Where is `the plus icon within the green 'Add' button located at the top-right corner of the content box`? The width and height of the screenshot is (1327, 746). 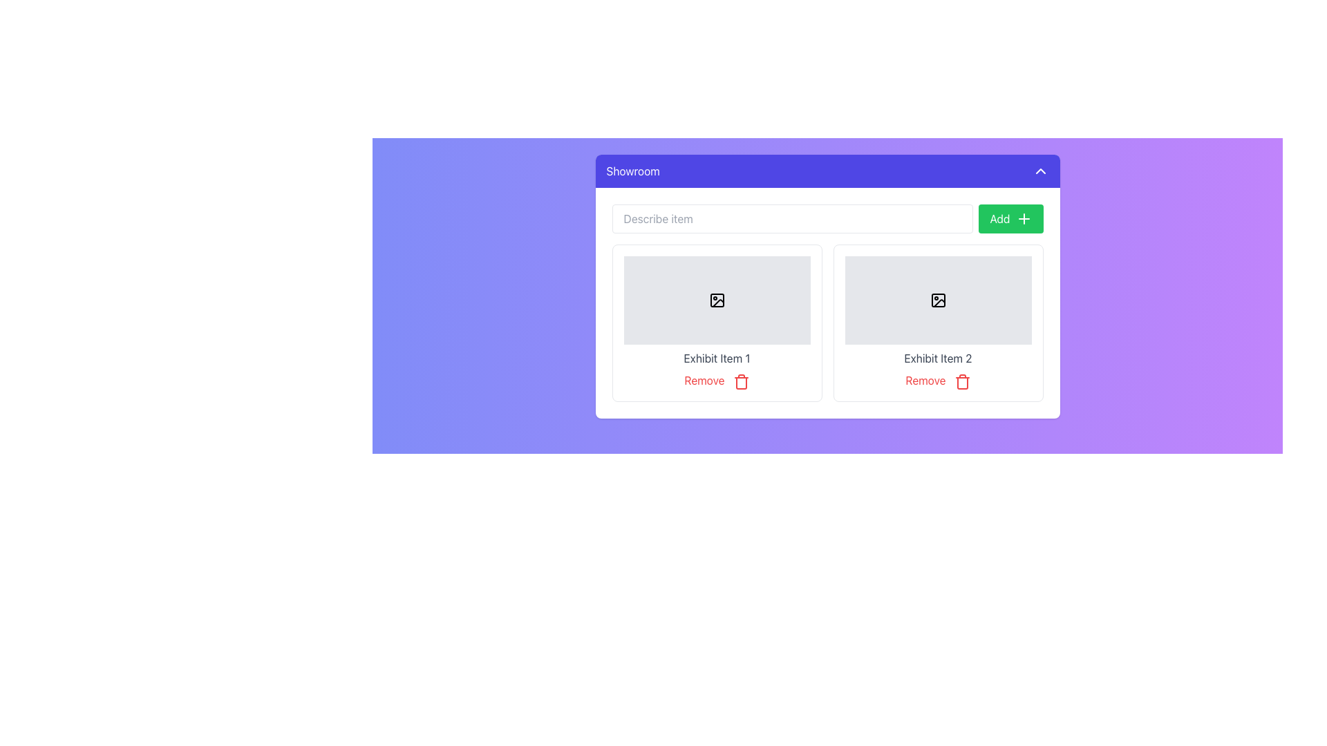
the plus icon within the green 'Add' button located at the top-right corner of the content box is located at coordinates (1024, 218).